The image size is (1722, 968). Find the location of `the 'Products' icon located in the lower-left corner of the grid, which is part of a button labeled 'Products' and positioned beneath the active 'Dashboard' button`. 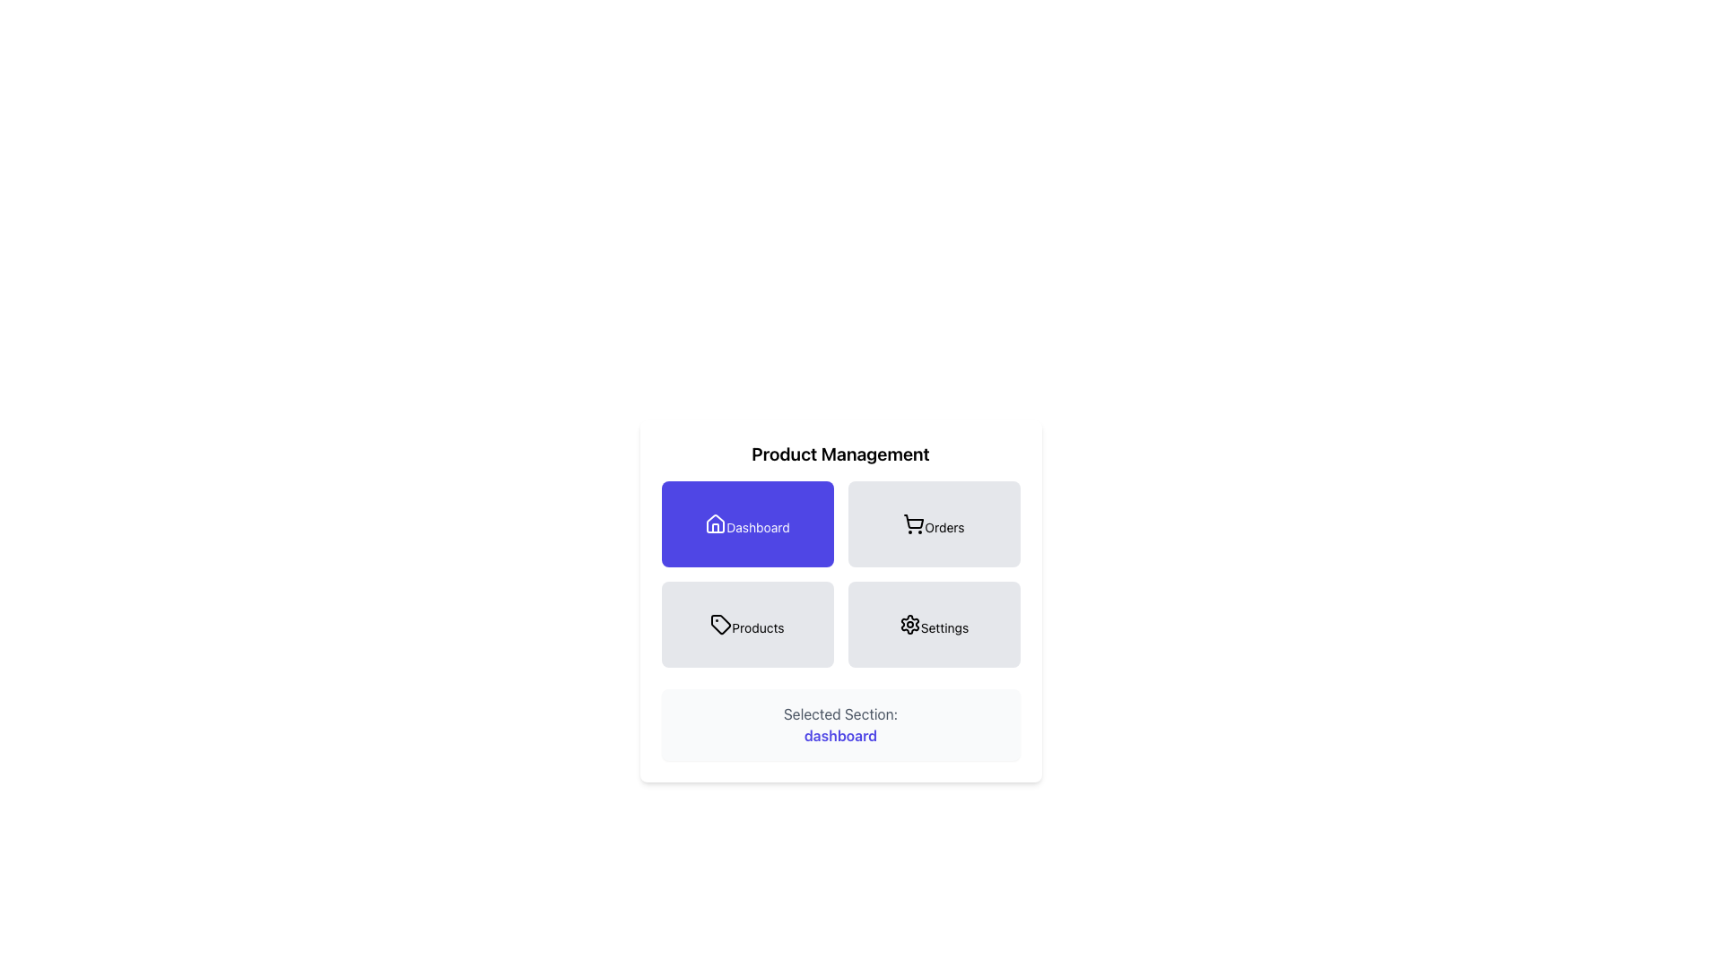

the 'Products' icon located in the lower-left corner of the grid, which is part of a button labeled 'Products' and positioned beneath the active 'Dashboard' button is located at coordinates (721, 624).